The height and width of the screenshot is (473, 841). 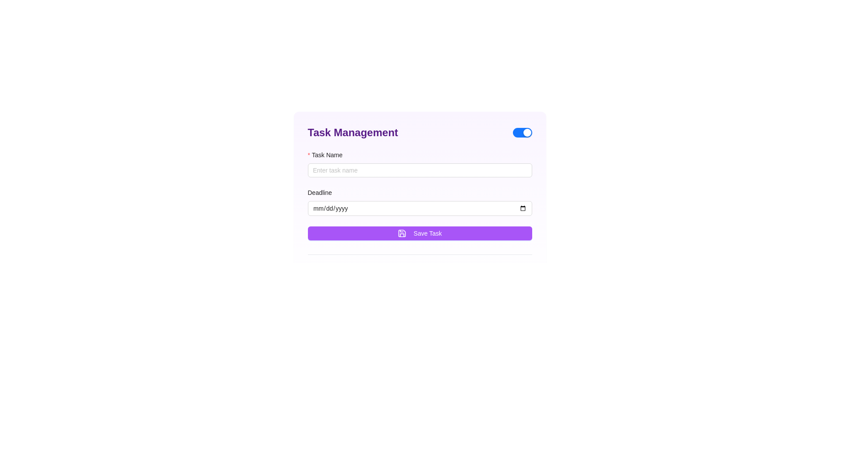 I want to click on the Switch indicator located on the right side of the 'Task Management' heading, which visually represents the active state of a toggle switch, so click(x=519, y=133).